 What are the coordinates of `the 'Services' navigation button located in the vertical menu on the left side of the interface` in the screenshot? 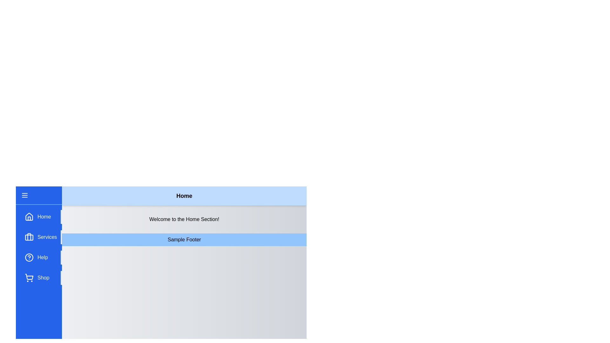 It's located at (41, 237).